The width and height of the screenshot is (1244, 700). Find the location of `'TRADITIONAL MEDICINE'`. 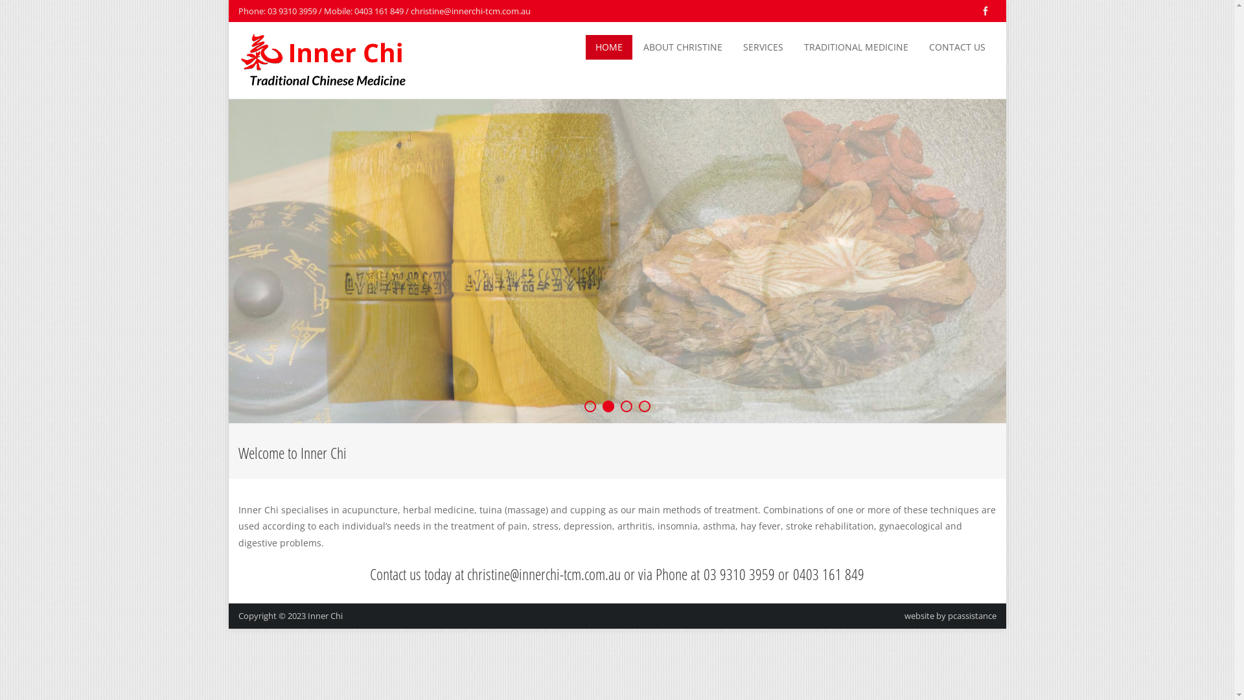

'TRADITIONAL MEDICINE' is located at coordinates (856, 47).